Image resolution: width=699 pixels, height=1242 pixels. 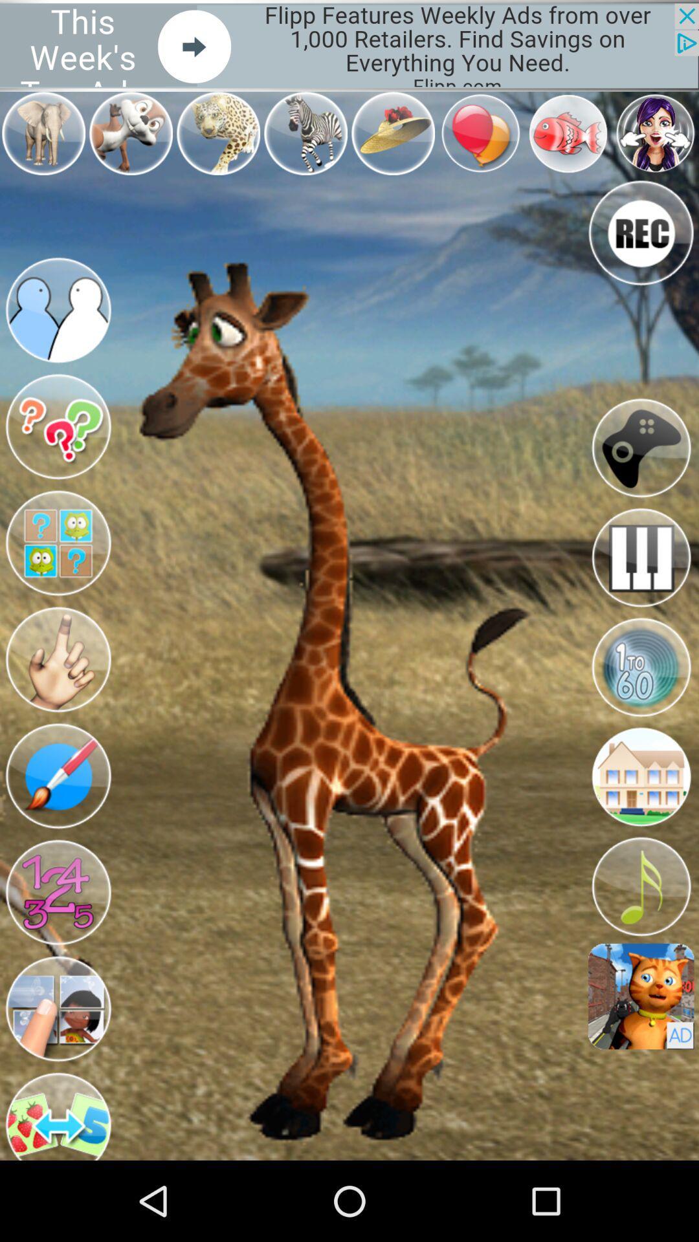 I want to click on the group icon, so click(x=57, y=332).